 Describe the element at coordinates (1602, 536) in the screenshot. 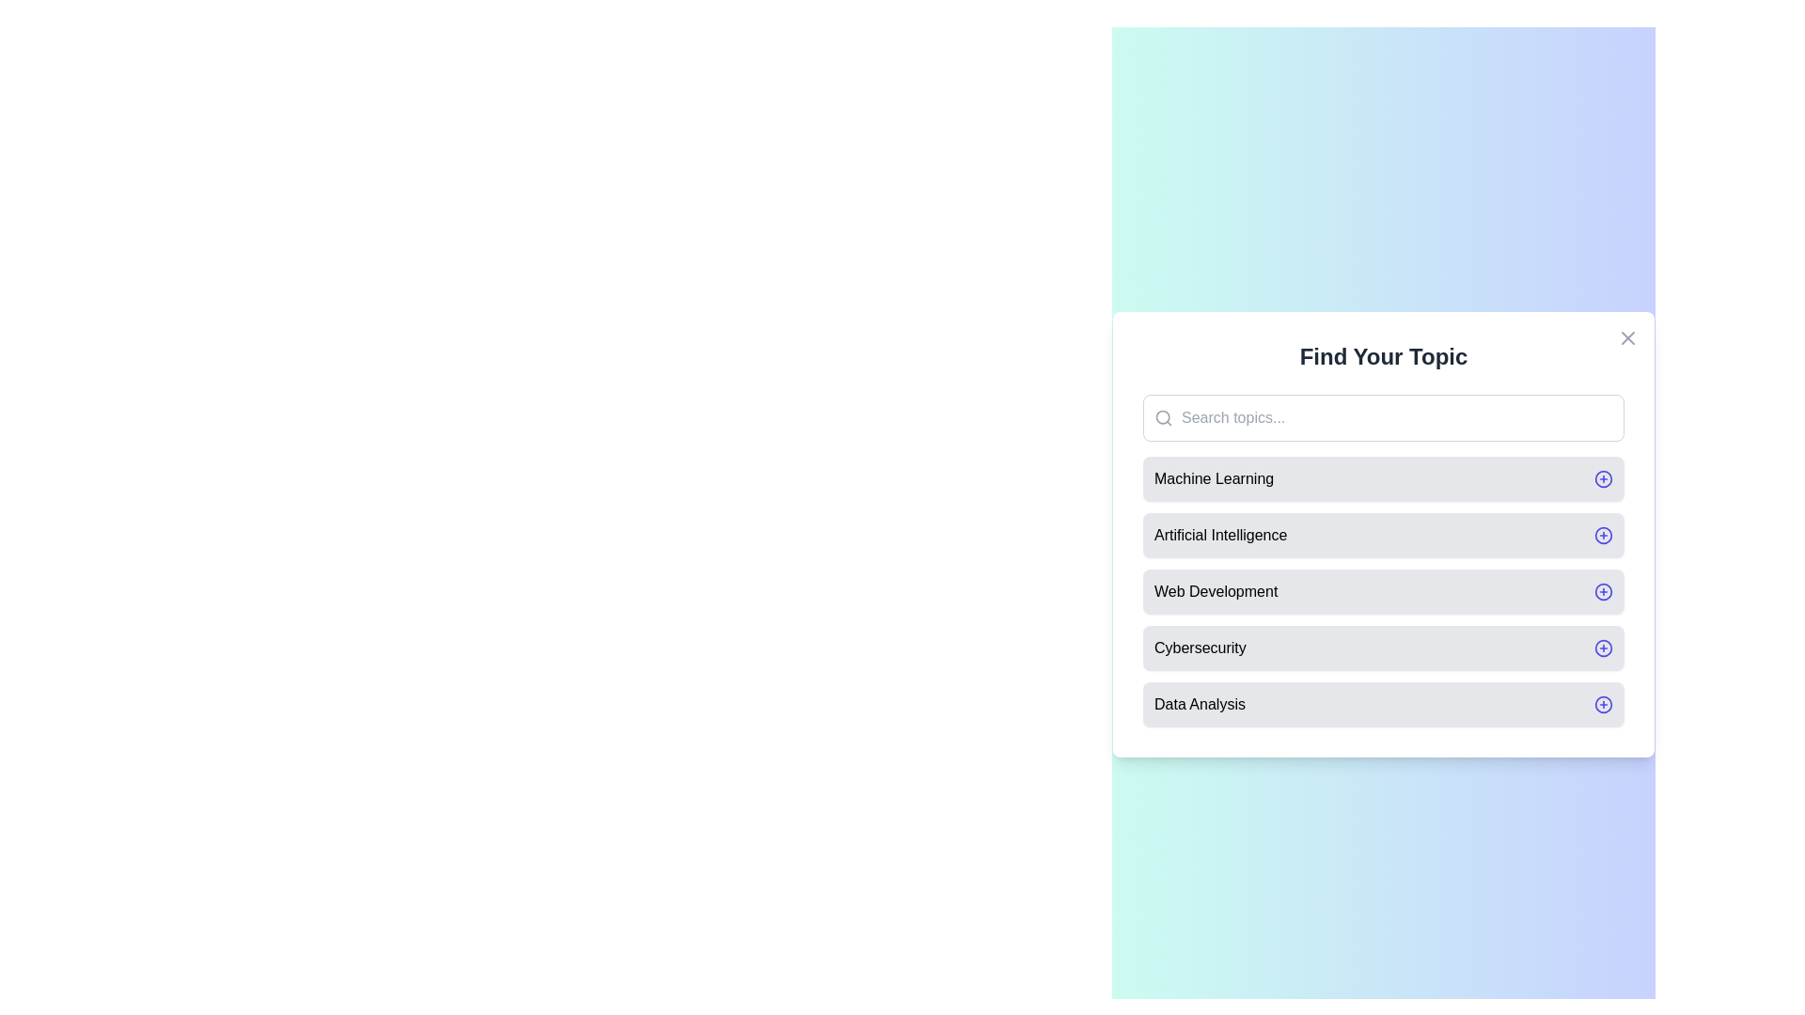

I see `the plus icon next to Artificial Intelligence` at that location.